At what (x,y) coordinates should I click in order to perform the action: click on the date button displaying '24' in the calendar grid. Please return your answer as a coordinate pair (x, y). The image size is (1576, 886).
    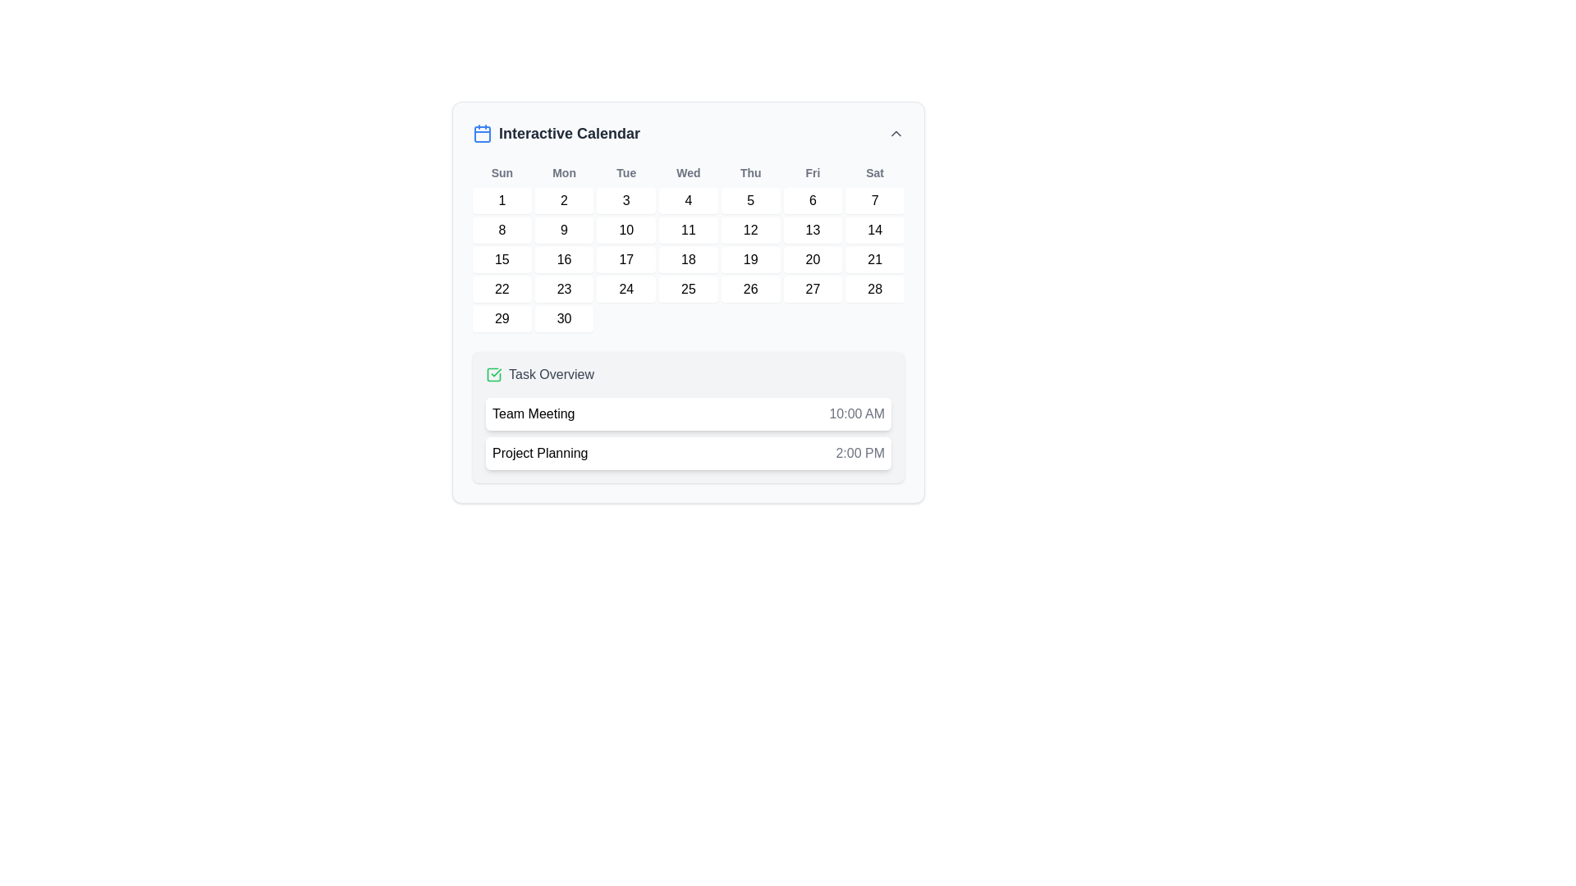
    Looking at the image, I should click on (625, 289).